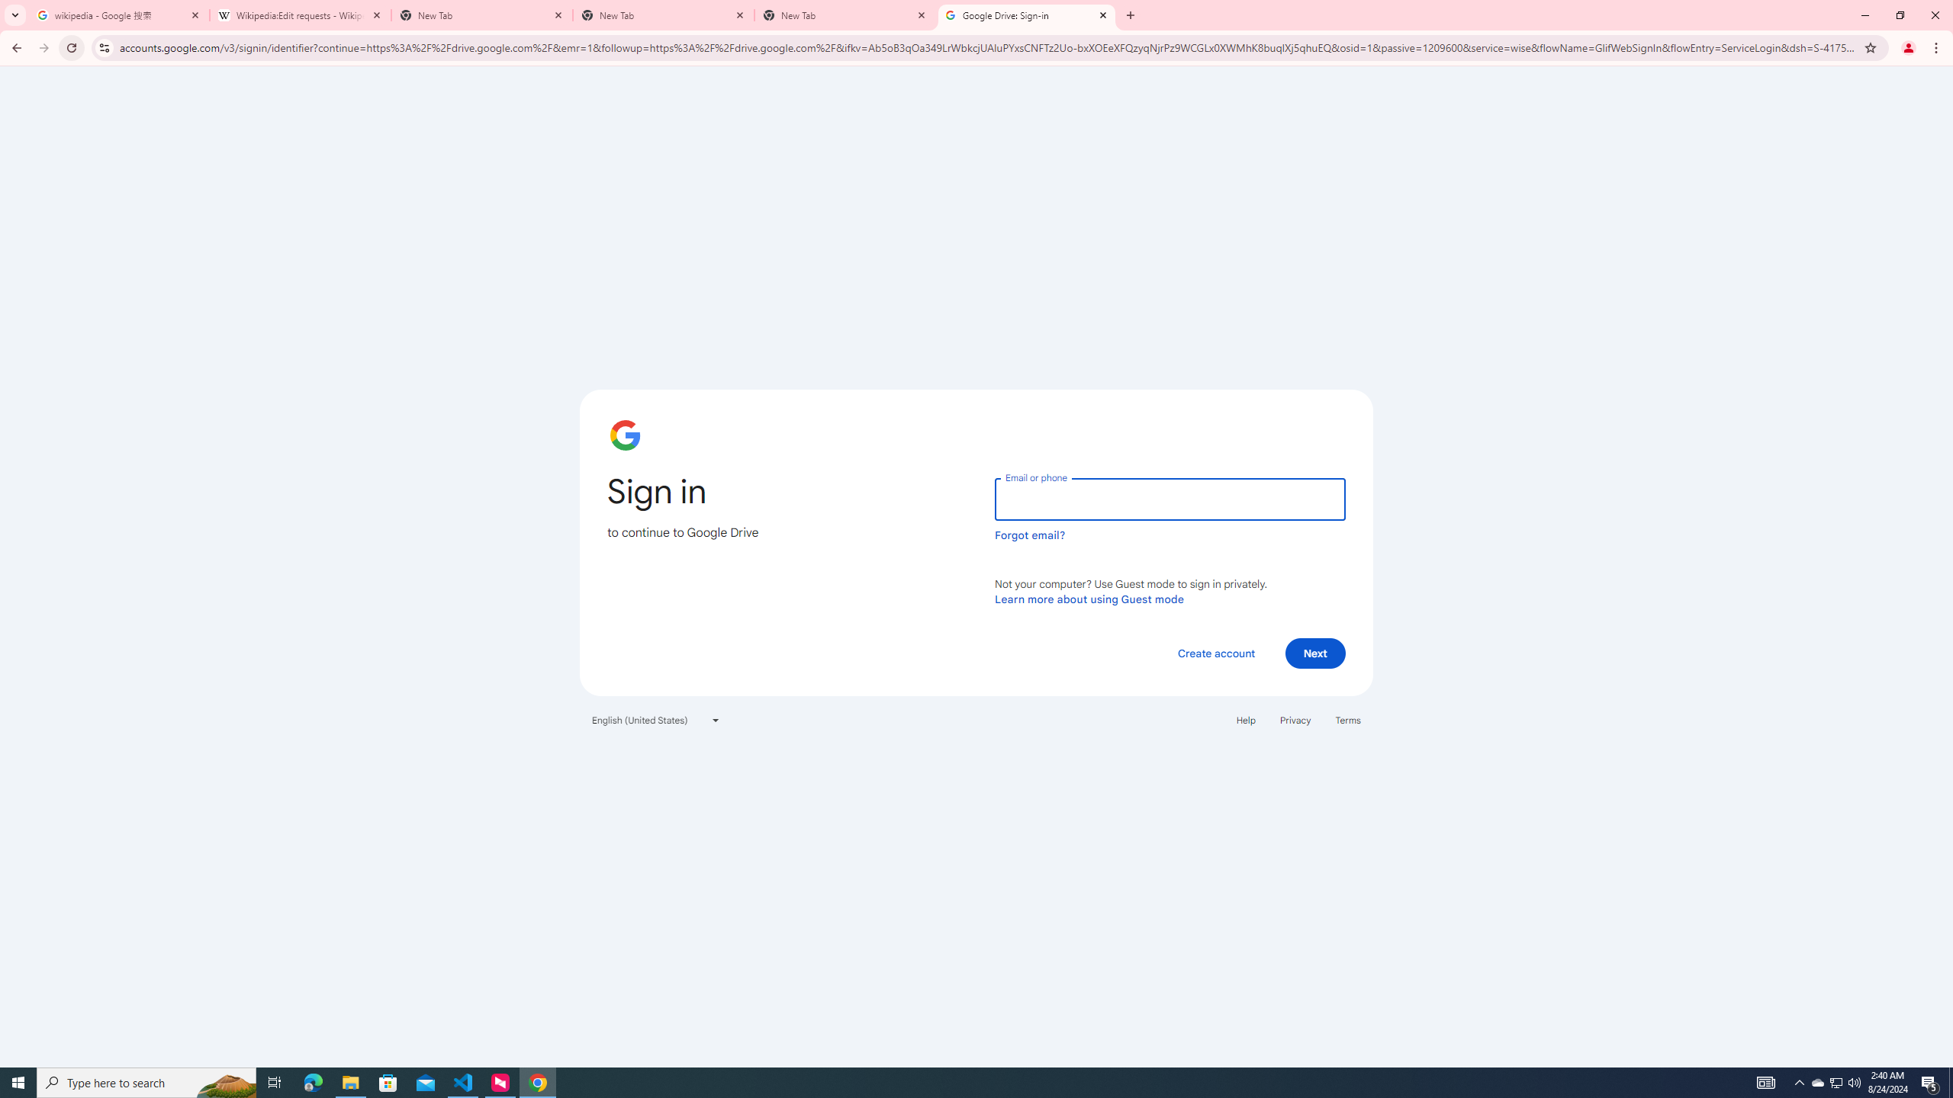 This screenshot has height=1098, width=1953. Describe the element at coordinates (1864, 14) in the screenshot. I see `'Minimize'` at that location.